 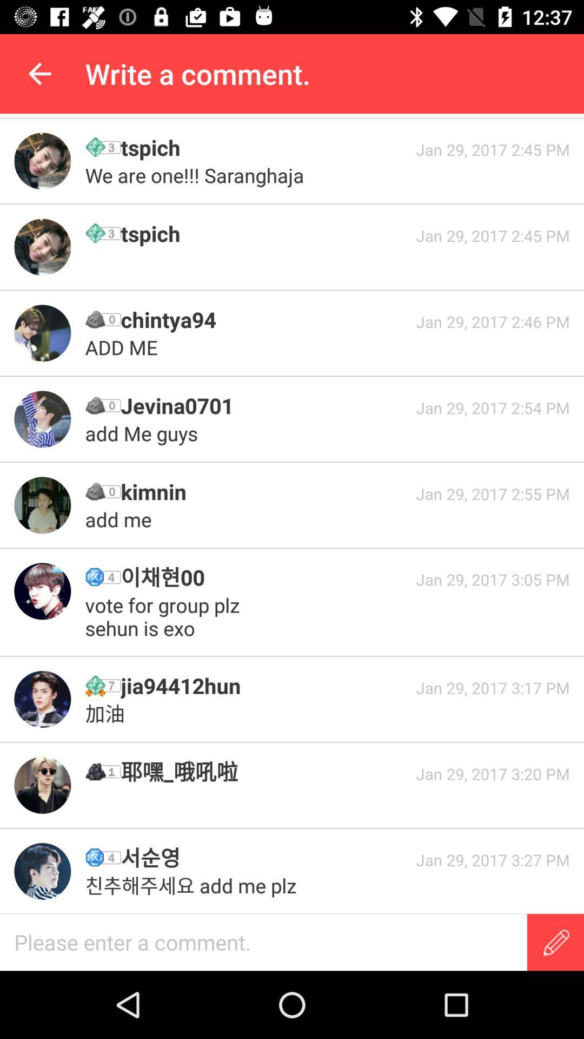 What do you see at coordinates (42, 590) in the screenshot?
I see `profile` at bounding box center [42, 590].